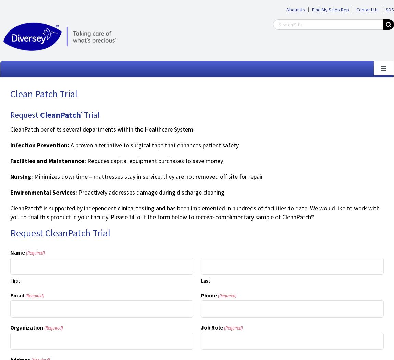 Image resolution: width=394 pixels, height=360 pixels. What do you see at coordinates (286, 9) in the screenshot?
I see `'About Us'` at bounding box center [286, 9].